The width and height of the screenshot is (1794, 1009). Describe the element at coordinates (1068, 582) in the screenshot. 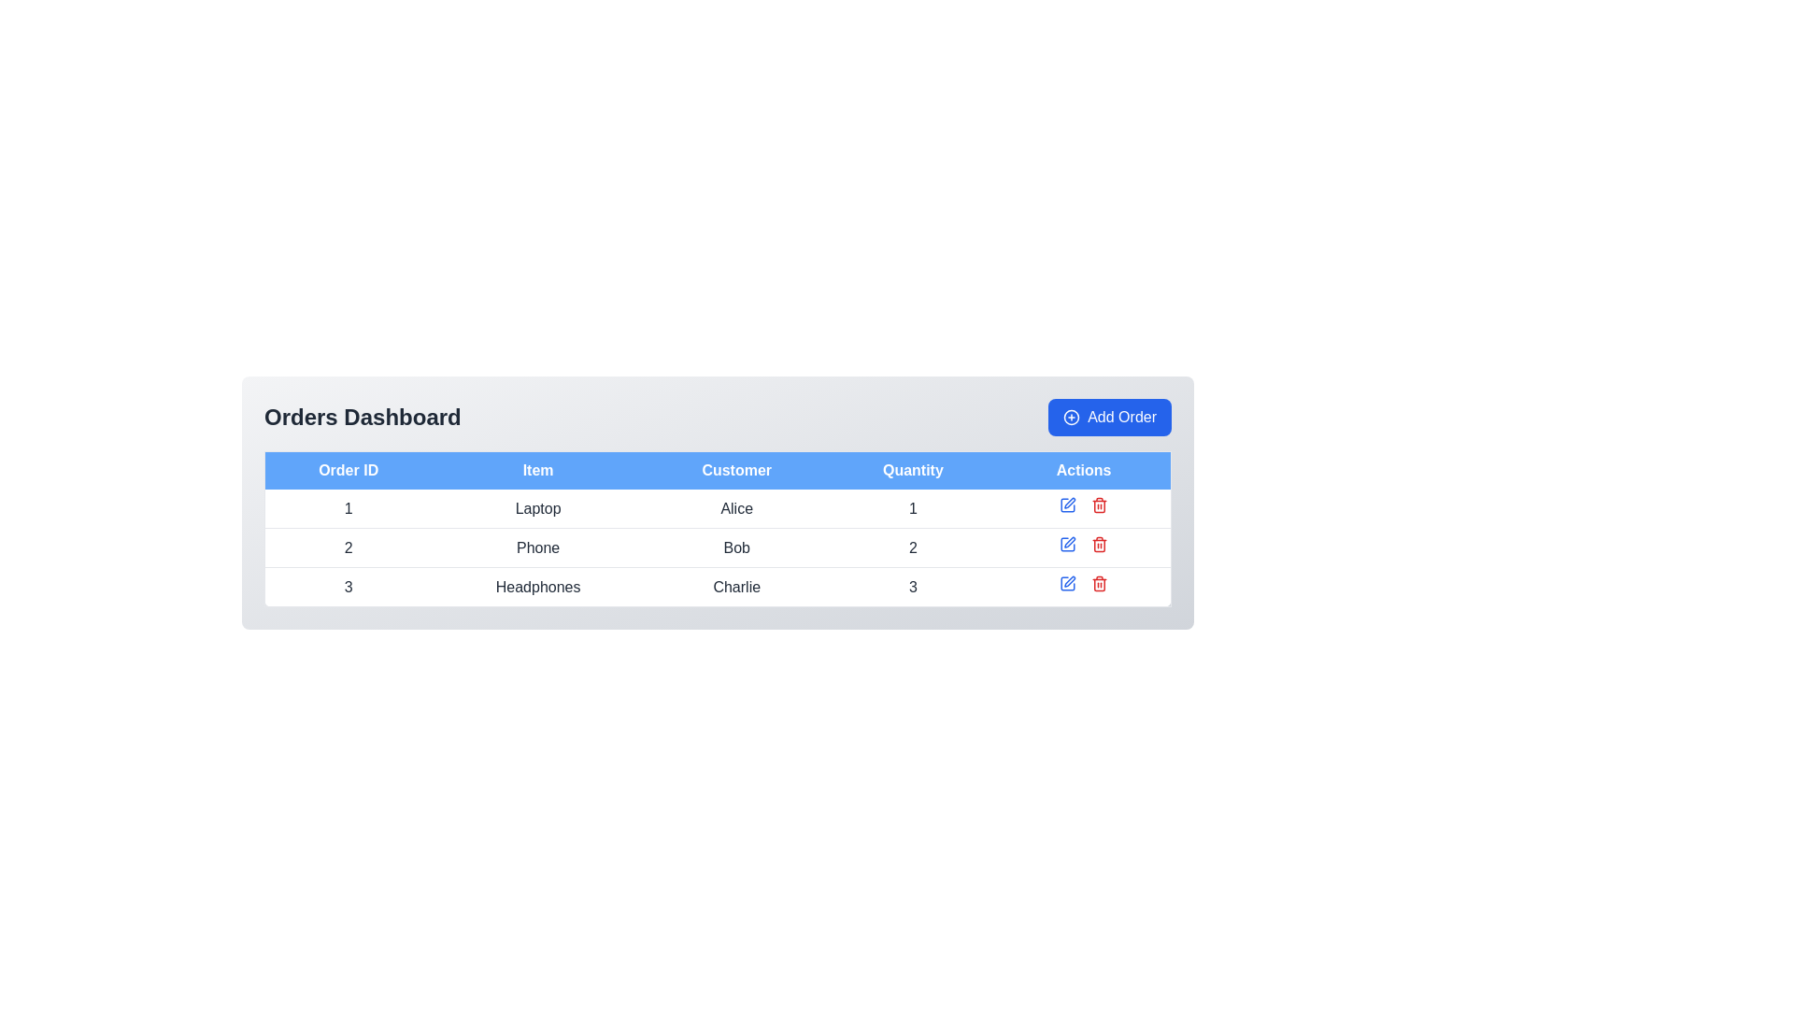

I see `the edit icon in the 'Actions' column for the third row, which corresponds to 'Charlie' and 'Headphones'` at that location.